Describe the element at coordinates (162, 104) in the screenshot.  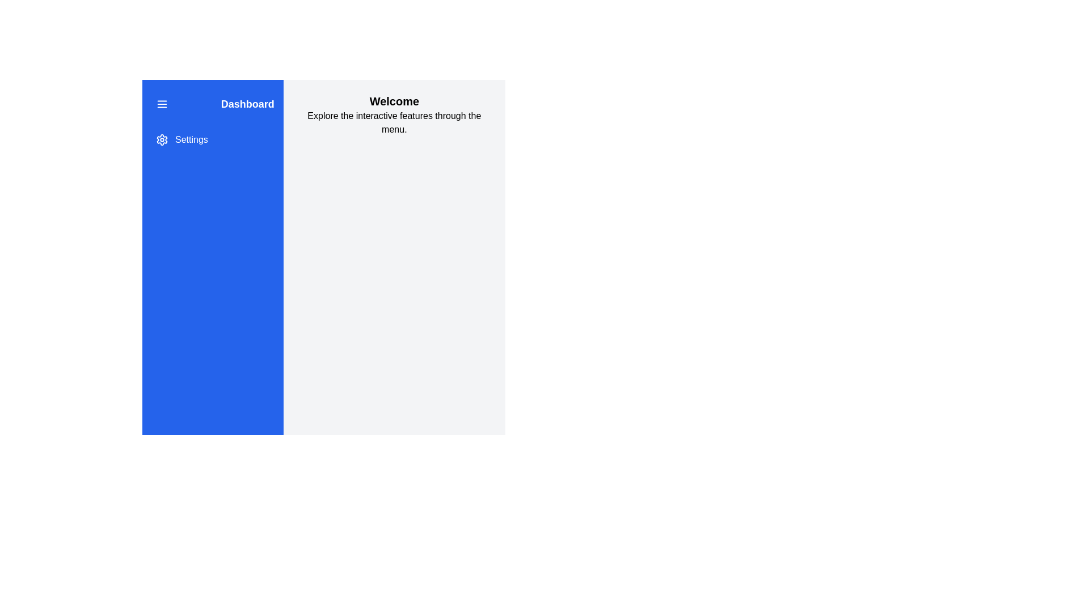
I see `the button with a three-horizontal-line icon located` at that location.